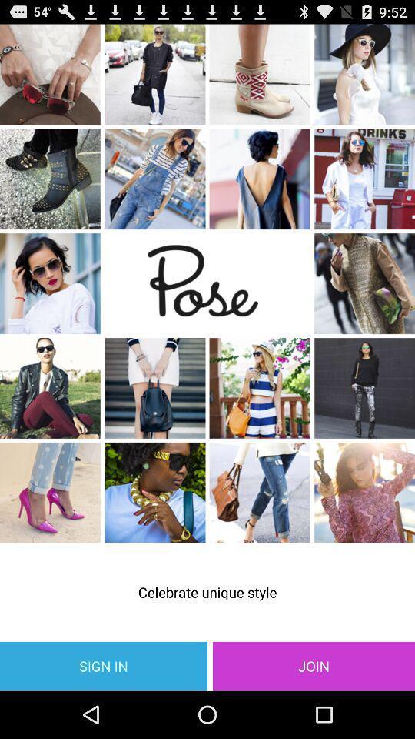 The width and height of the screenshot is (415, 739). I want to click on item below celebrate unique style, so click(313, 665).